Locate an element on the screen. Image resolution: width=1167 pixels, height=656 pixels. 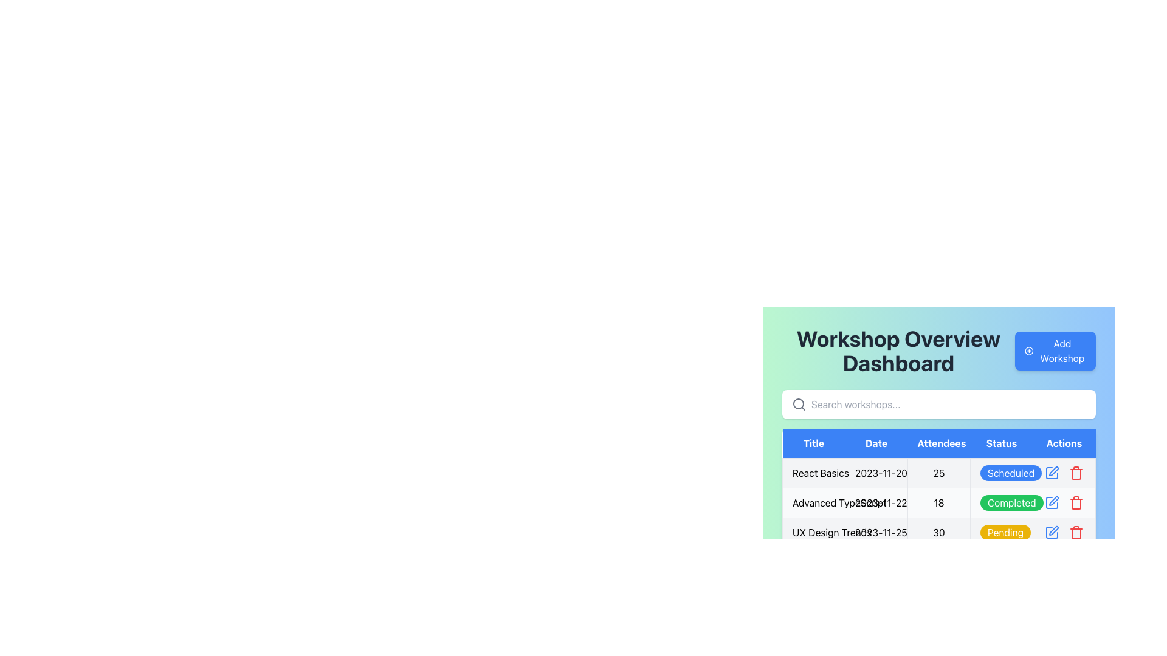
the numeric indicator displaying '25' in the 'Attendees' column of the table for the 'React Basics' workshop is located at coordinates (938, 473).